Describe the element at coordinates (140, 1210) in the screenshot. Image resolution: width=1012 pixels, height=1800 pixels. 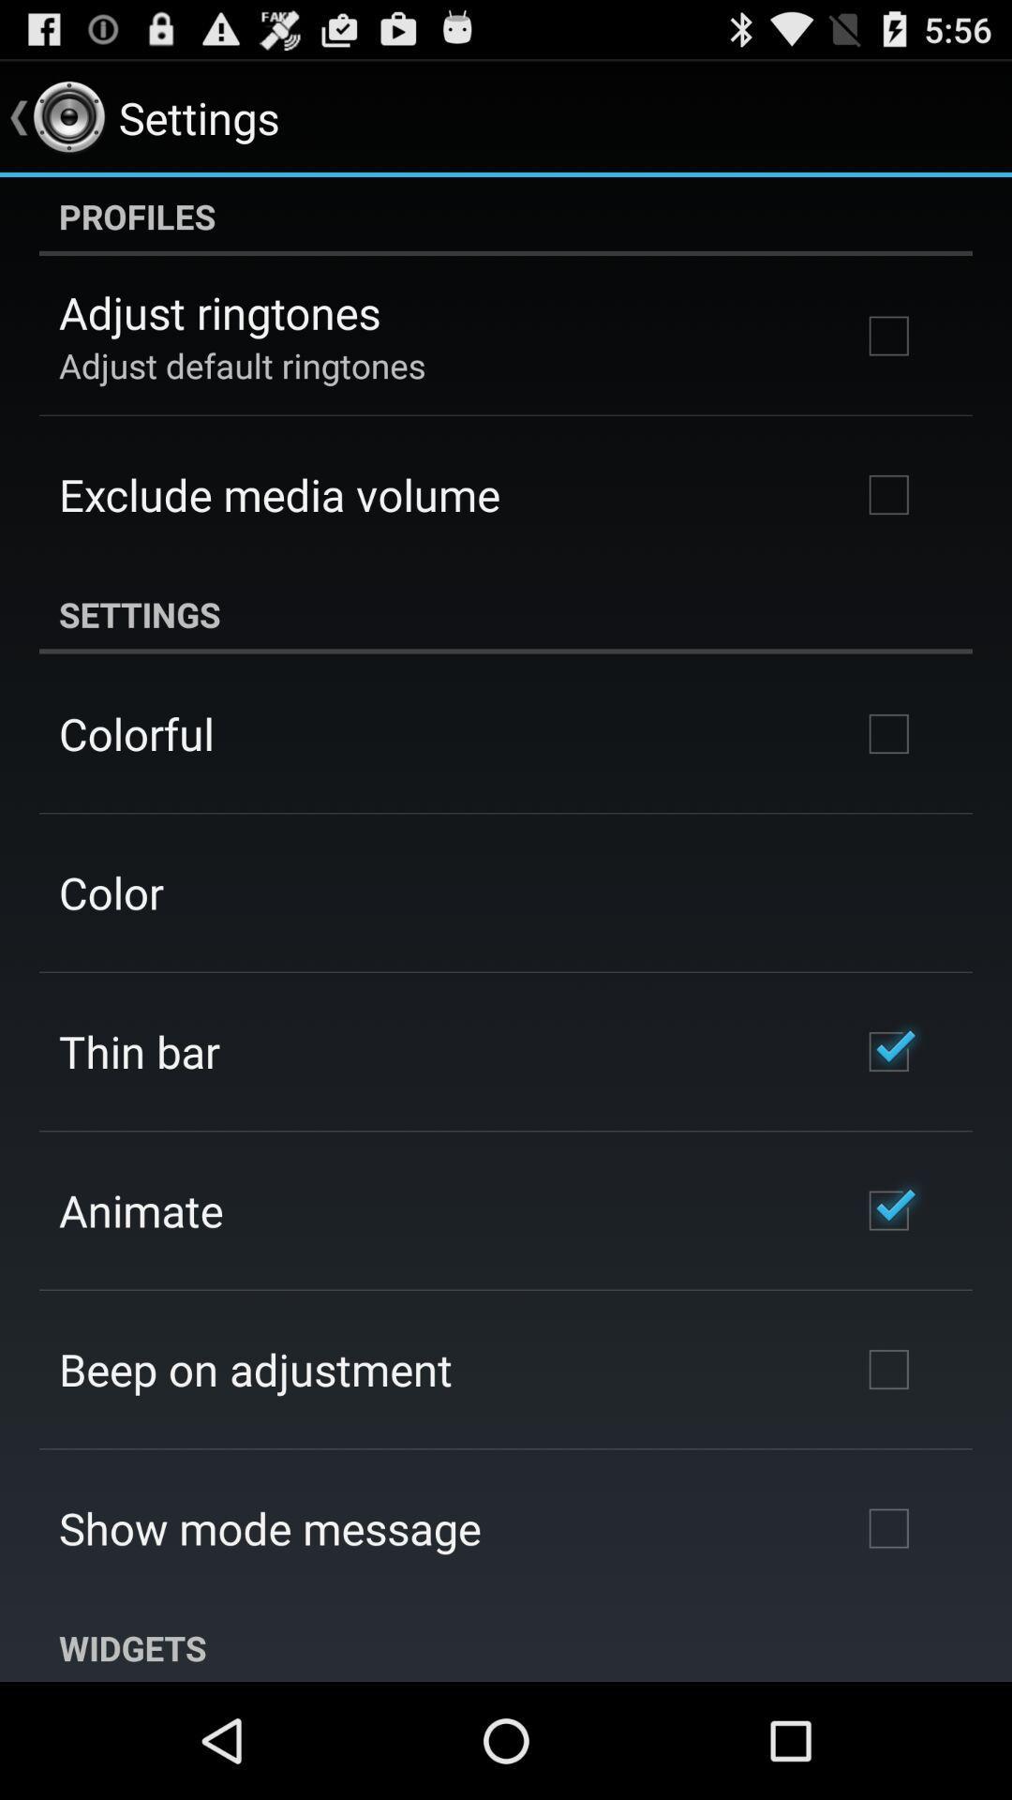
I see `the app above beep on adjustment item` at that location.